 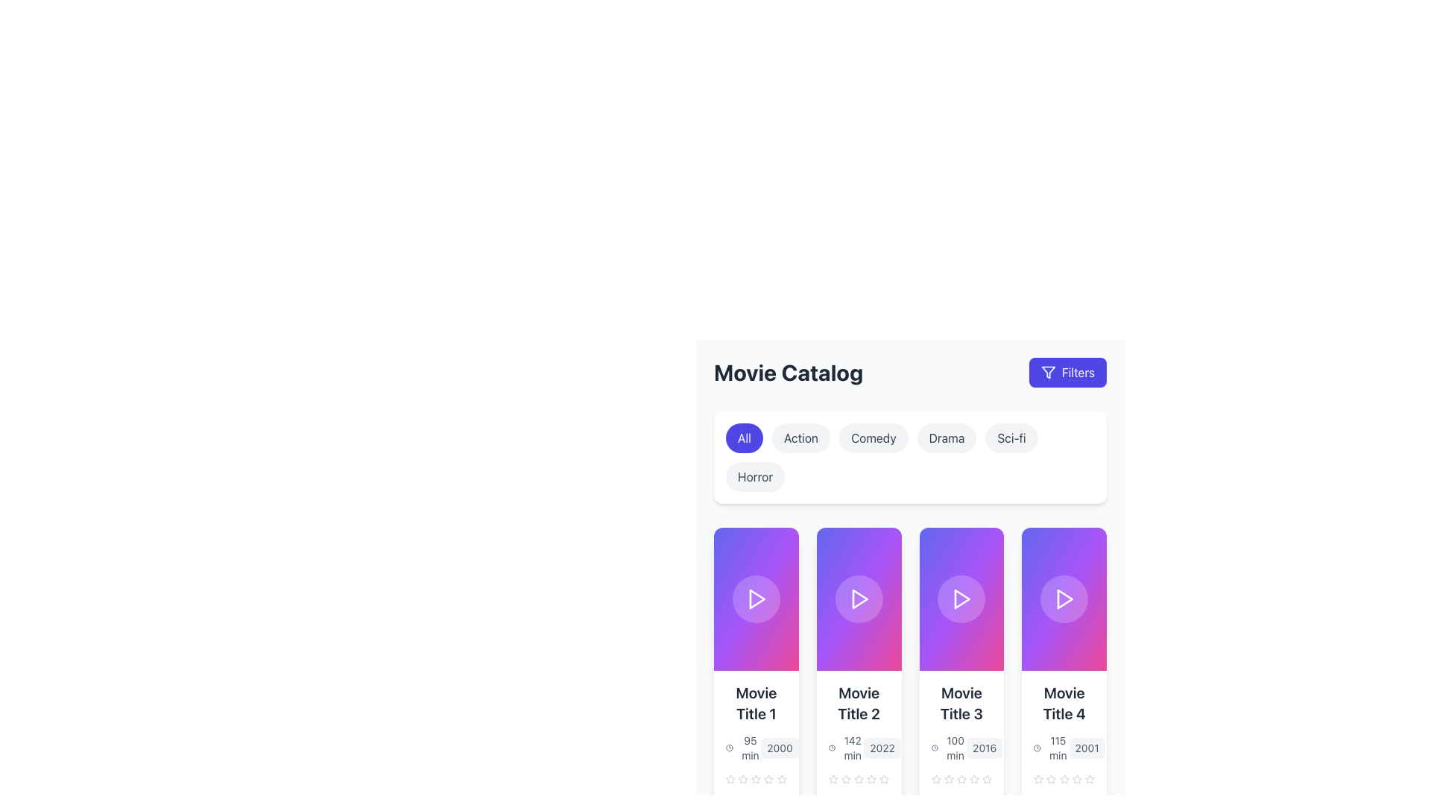 What do you see at coordinates (1064, 704) in the screenshot?
I see `text content of the static text label displaying 'Movie Title 4', which is styled in bold and slightly larger font, located beneath the movie card` at bounding box center [1064, 704].